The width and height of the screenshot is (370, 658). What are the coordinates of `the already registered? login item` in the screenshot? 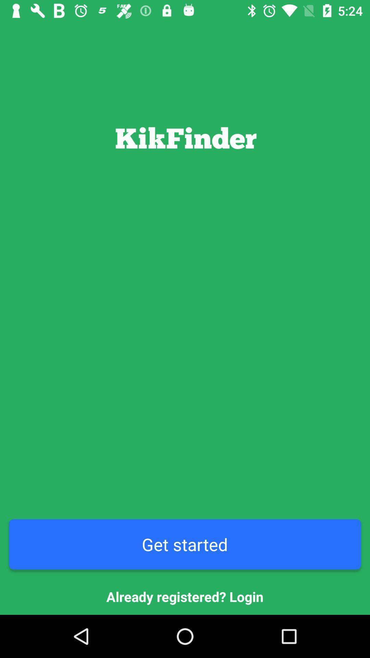 It's located at (185, 596).